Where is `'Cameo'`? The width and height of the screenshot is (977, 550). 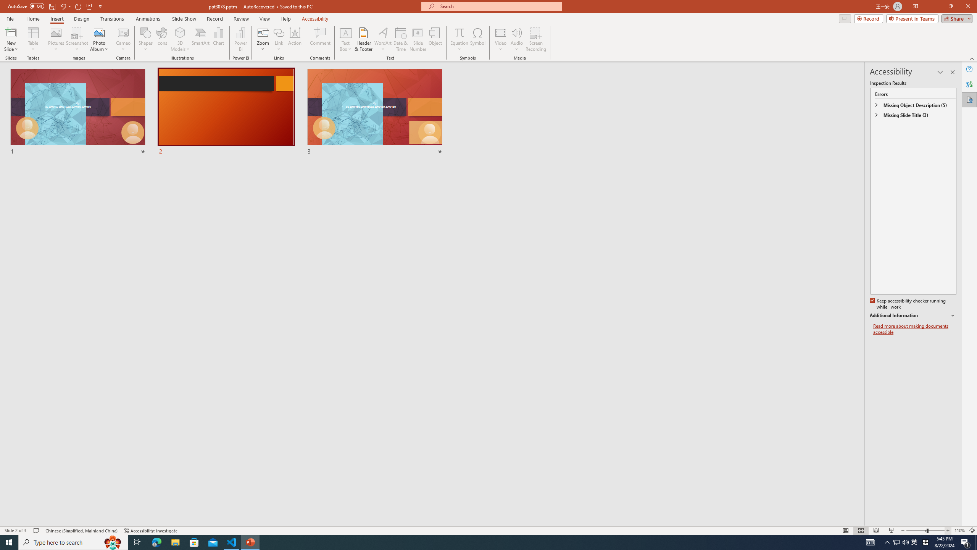 'Cameo' is located at coordinates (123, 32).